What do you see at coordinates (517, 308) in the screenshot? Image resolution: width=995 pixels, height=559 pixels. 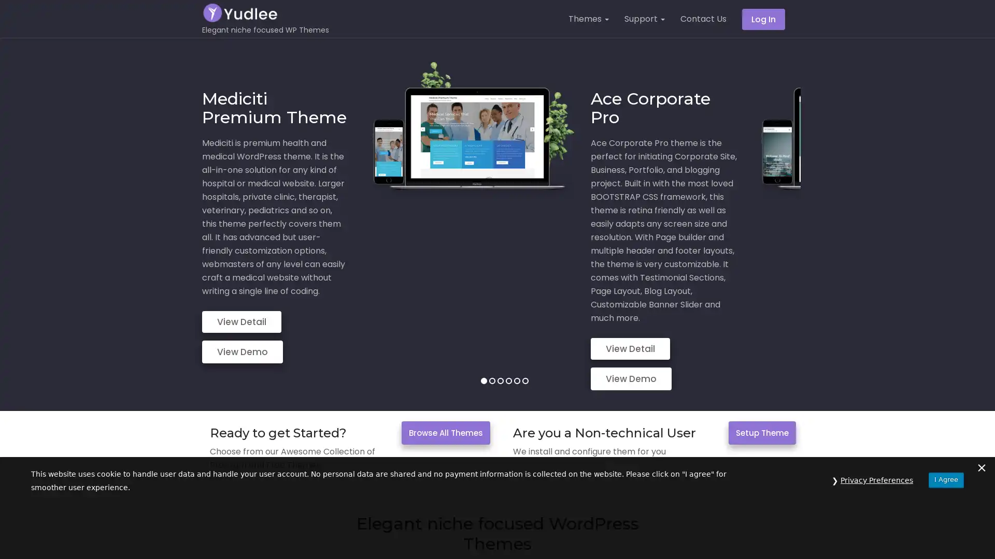 I see `5` at bounding box center [517, 308].